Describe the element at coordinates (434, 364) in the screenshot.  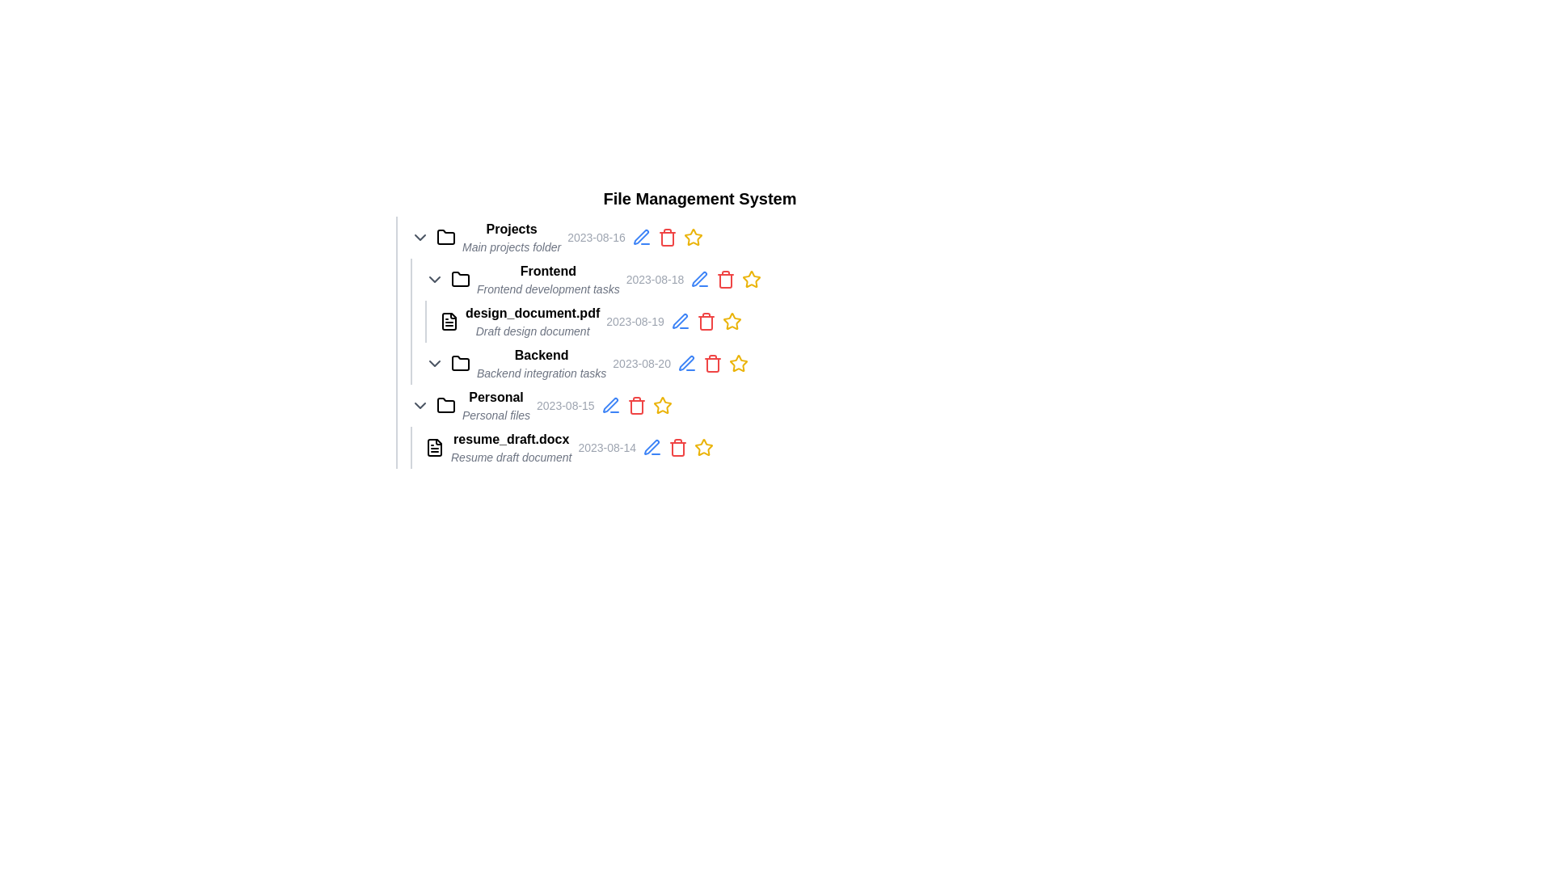
I see `the chevron button located to the left of the 'Backend' text` at that location.